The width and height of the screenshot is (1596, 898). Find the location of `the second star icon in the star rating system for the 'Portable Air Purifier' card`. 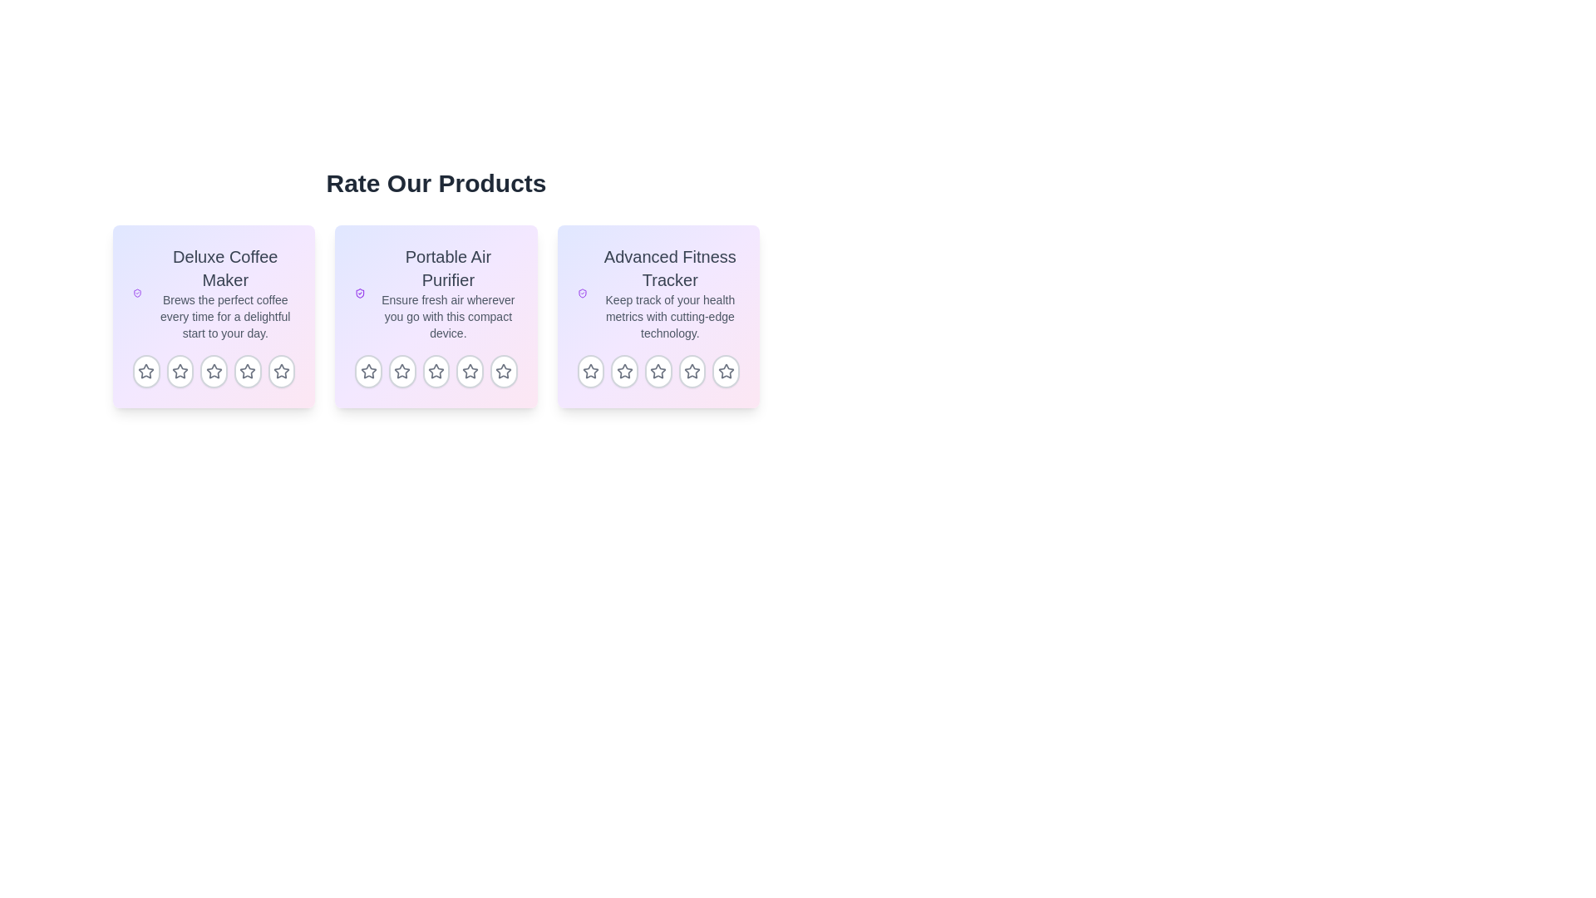

the second star icon in the star rating system for the 'Portable Air Purifier' card is located at coordinates (436, 371).